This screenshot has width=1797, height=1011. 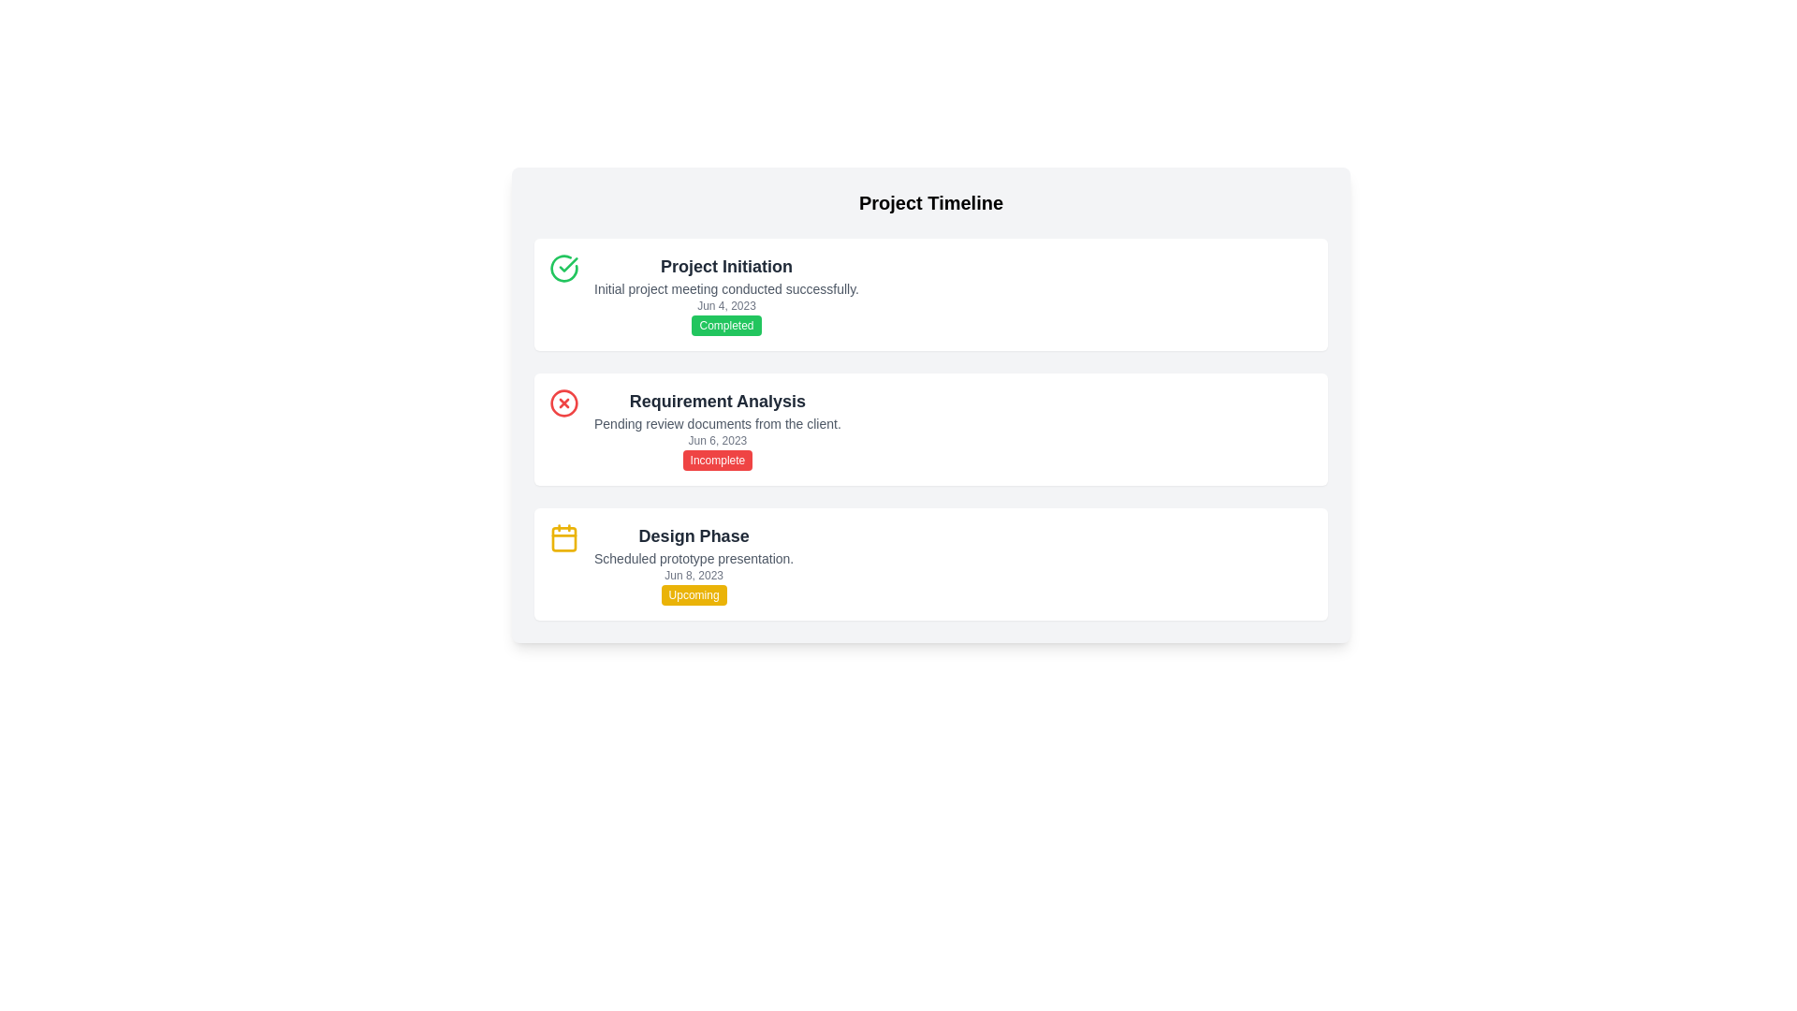 What do you see at coordinates (693, 558) in the screenshot?
I see `the informational text element that describes the scheduled activity for the 'Design Phase', located within the timeline UI` at bounding box center [693, 558].